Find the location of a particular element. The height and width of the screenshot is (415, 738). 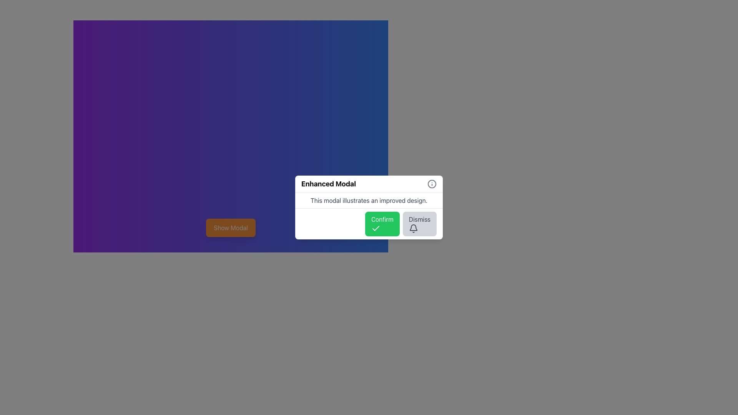

the green 'Confirm' button with a white check mark icon located in the bottom-right corner of the modal window to confirm the action is located at coordinates (369, 224).